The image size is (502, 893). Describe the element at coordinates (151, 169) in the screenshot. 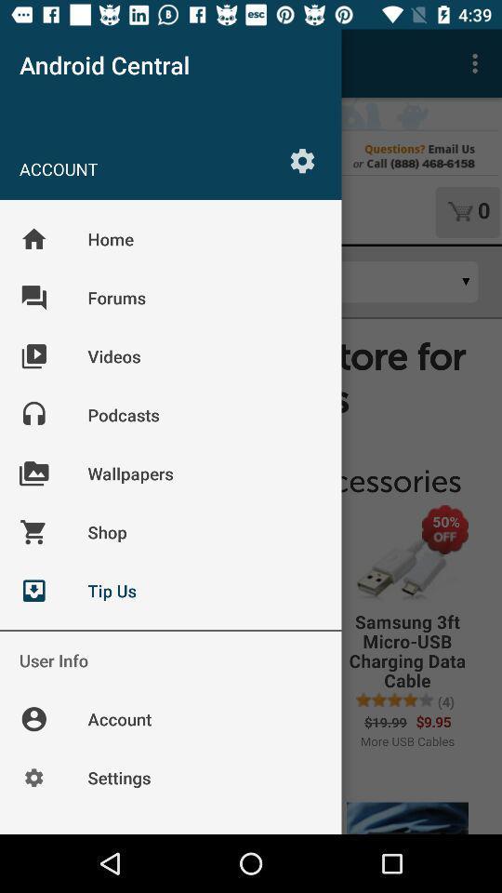

I see `the text which is left side of the settings` at that location.